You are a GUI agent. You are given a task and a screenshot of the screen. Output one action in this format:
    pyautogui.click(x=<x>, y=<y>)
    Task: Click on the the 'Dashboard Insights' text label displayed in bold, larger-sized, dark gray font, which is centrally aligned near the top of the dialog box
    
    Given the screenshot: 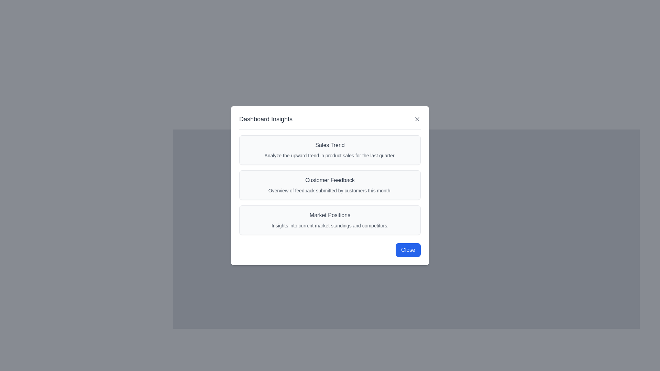 What is the action you would take?
    pyautogui.click(x=265, y=119)
    